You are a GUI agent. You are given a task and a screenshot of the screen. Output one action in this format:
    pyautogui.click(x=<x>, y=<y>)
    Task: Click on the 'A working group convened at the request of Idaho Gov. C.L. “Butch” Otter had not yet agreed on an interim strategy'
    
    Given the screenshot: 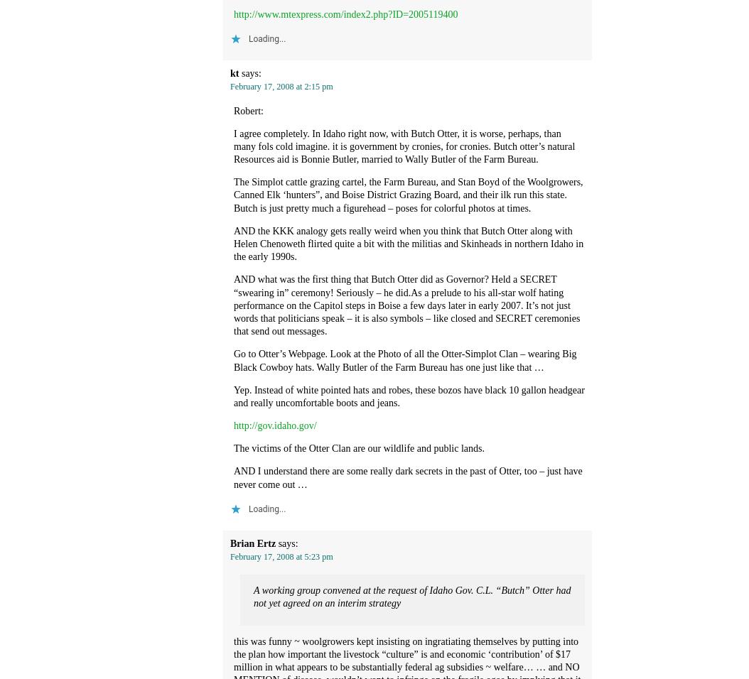 What is the action you would take?
    pyautogui.click(x=253, y=597)
    